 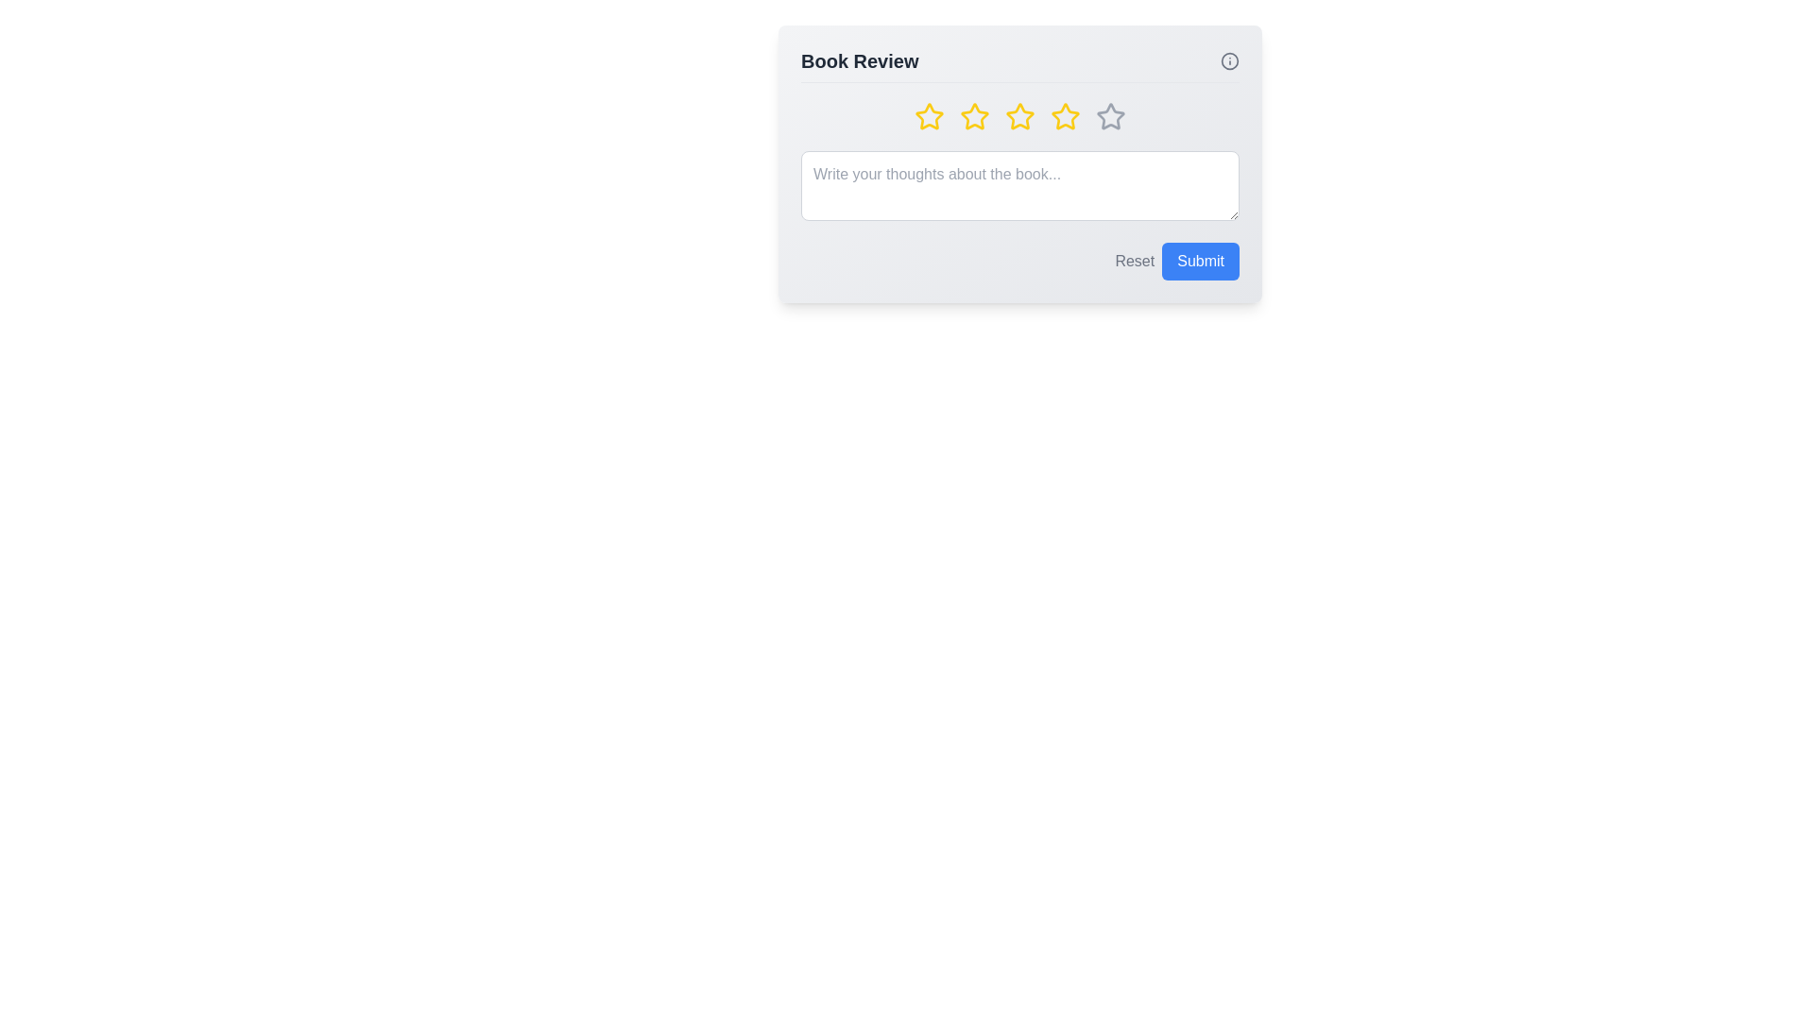 What do you see at coordinates (1200, 262) in the screenshot?
I see `the 'Submit' button to submit the review and rating` at bounding box center [1200, 262].